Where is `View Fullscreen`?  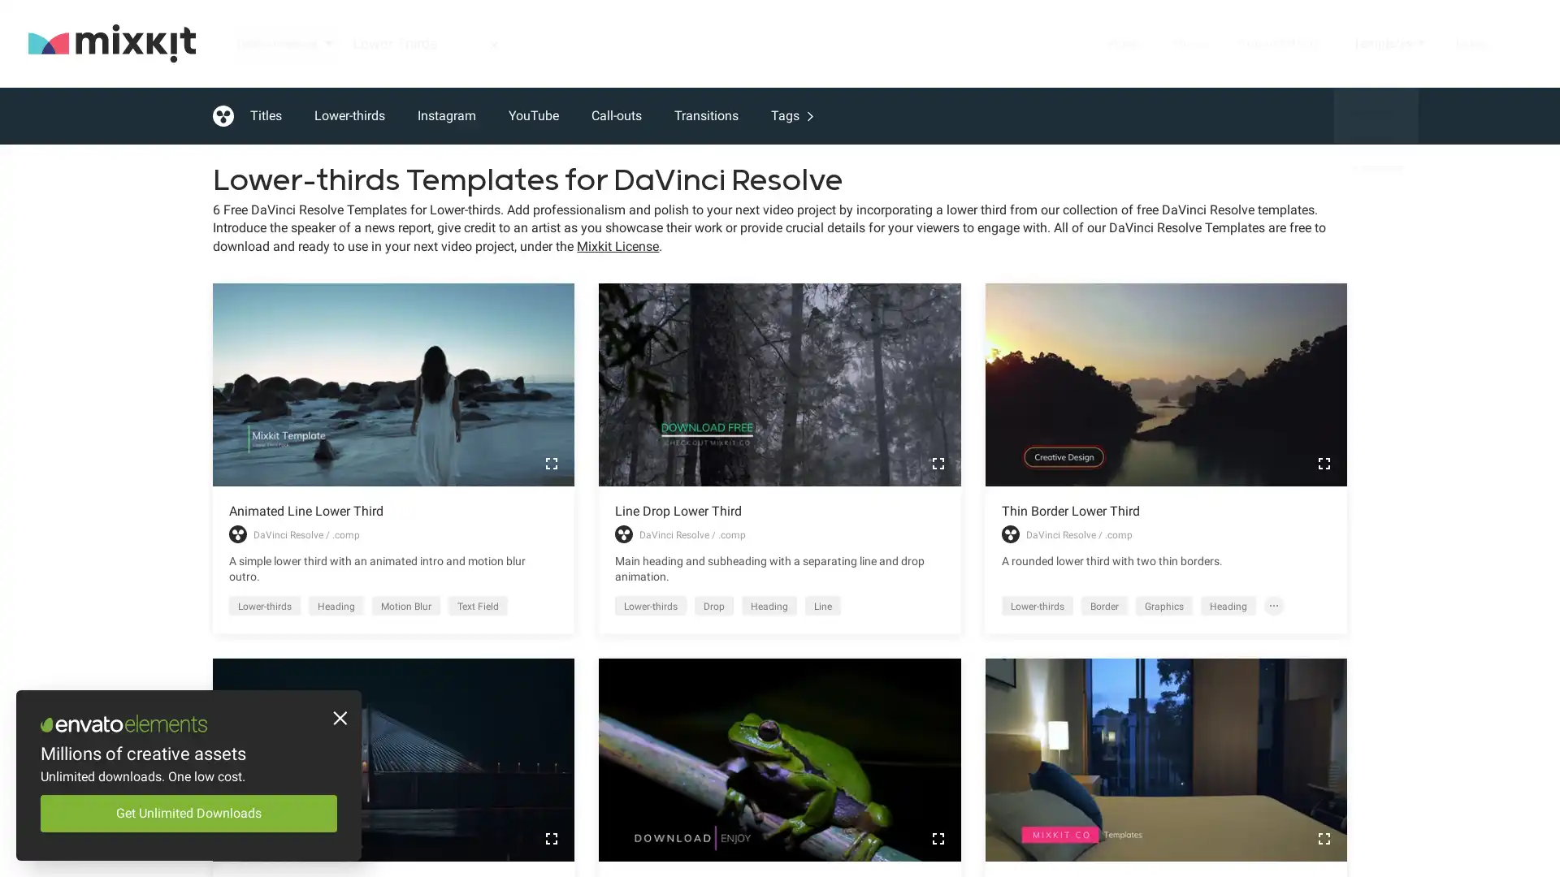 View Fullscreen is located at coordinates (937, 838).